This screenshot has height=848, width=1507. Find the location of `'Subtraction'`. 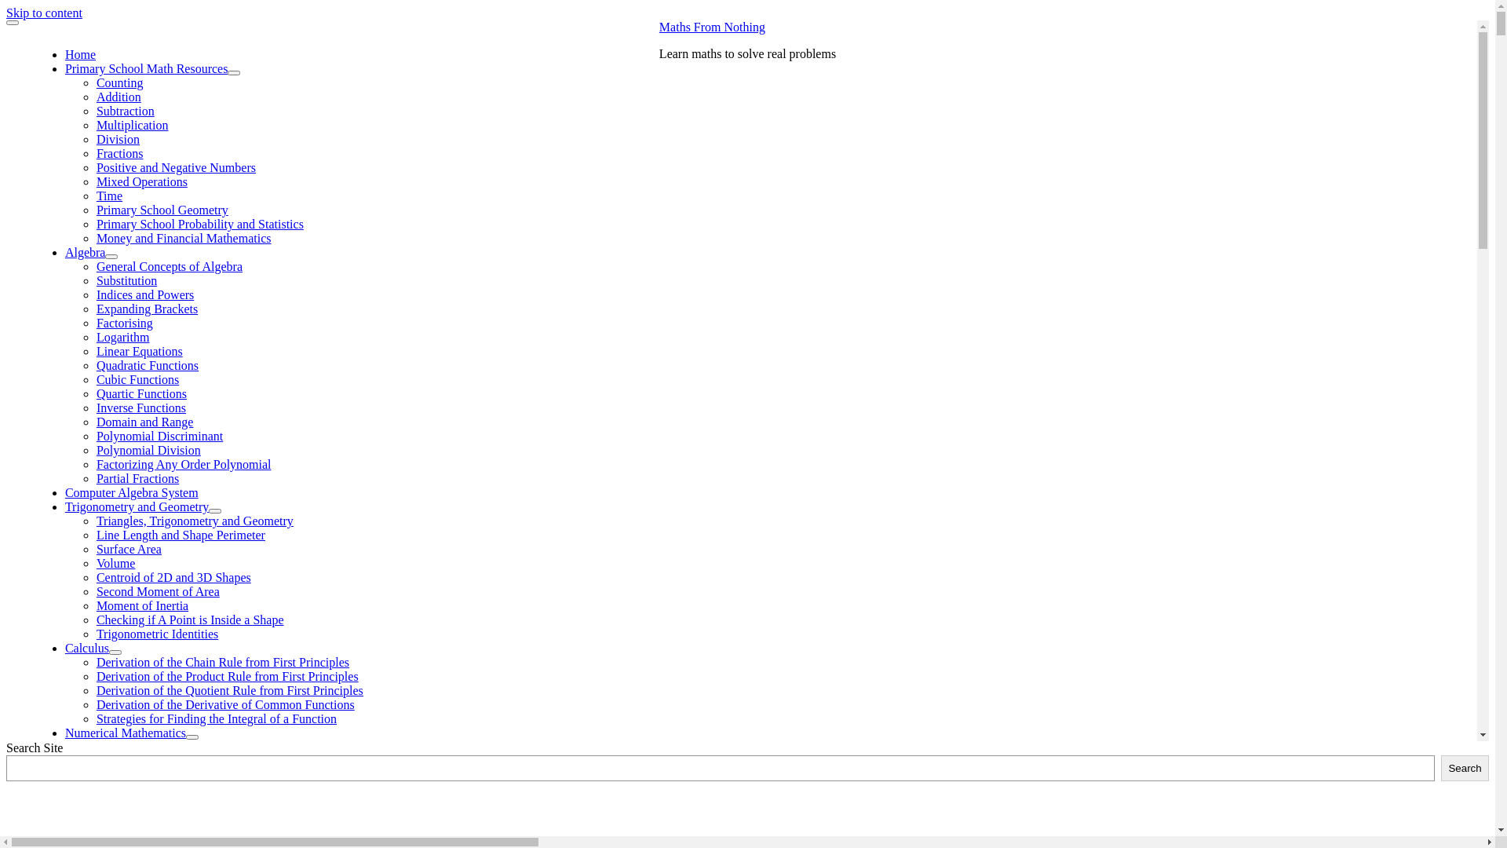

'Subtraction' is located at coordinates (124, 110).